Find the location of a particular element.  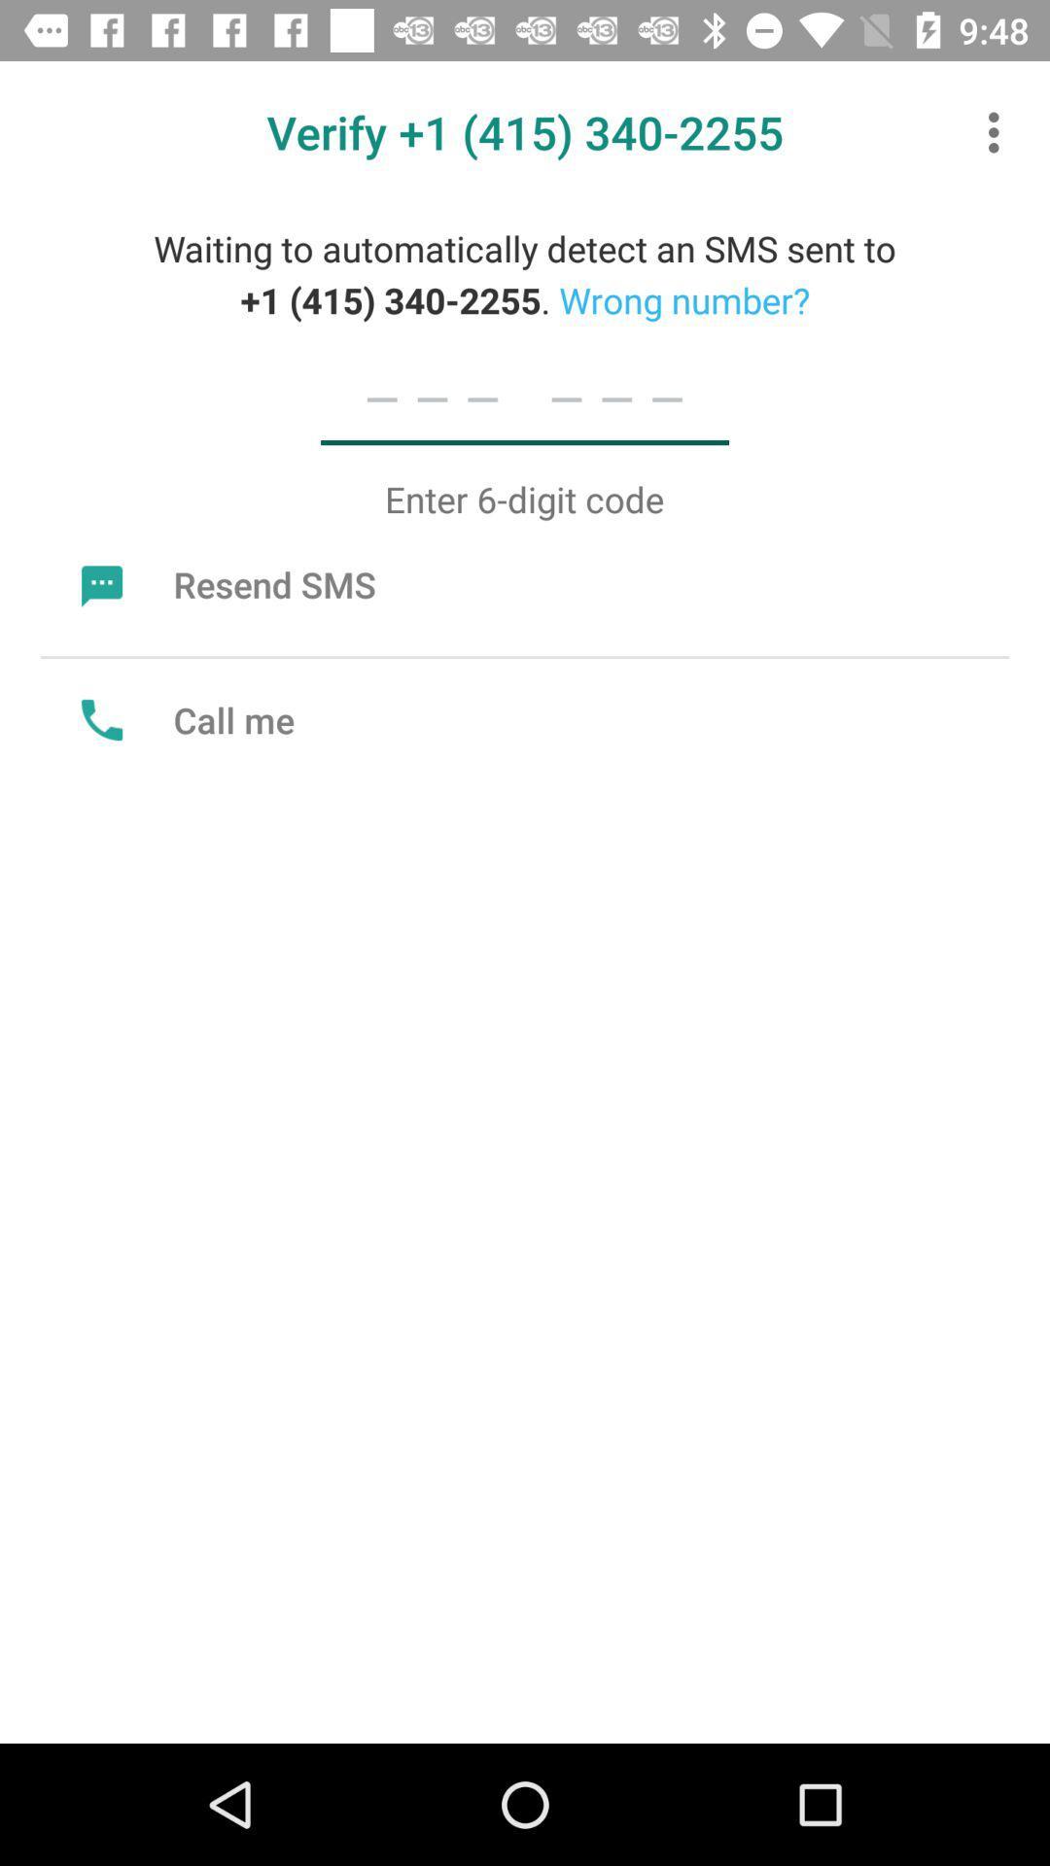

the icon below enter 6 digit is located at coordinates (223, 583).